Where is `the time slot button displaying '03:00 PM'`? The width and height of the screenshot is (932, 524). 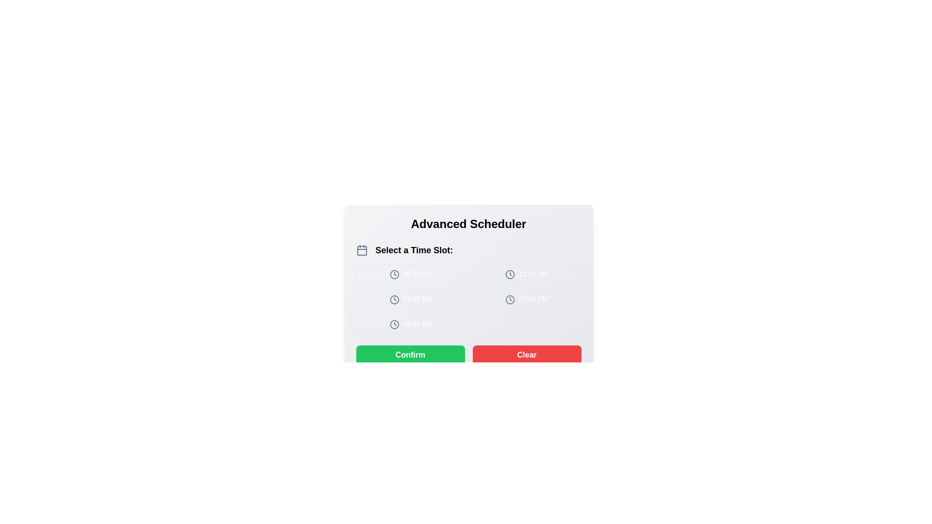 the time slot button displaying '03:00 PM' is located at coordinates (526, 299).